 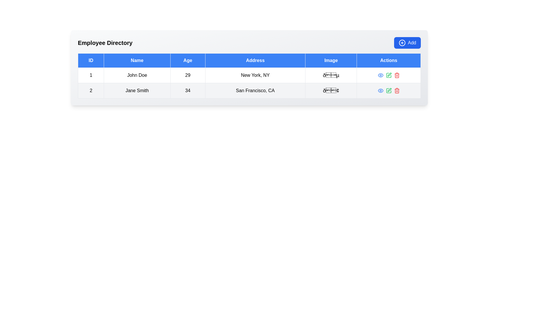 I want to click on the Icon button located in the 'Actions' column of the second row of the table, aligned to the far right, which allows users to delete the corresponding row entry when clicked, so click(x=396, y=75).